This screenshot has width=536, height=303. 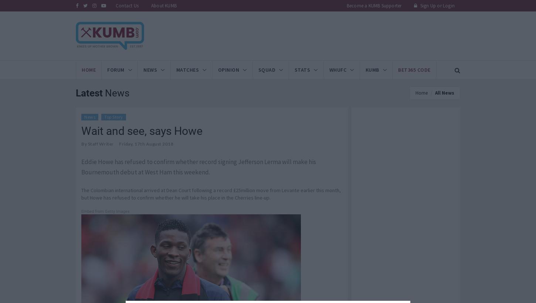 What do you see at coordinates (105, 211) in the screenshot?
I see `'Embed from Getty Images'` at bounding box center [105, 211].